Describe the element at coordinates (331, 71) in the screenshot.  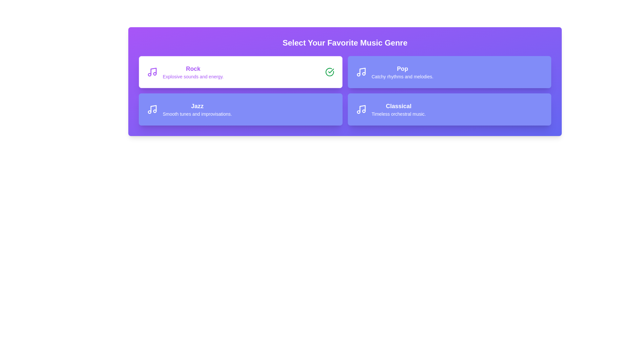
I see `the graphical checkmark icon to indirectly select the 'Rock' music genre option it represents` at that location.